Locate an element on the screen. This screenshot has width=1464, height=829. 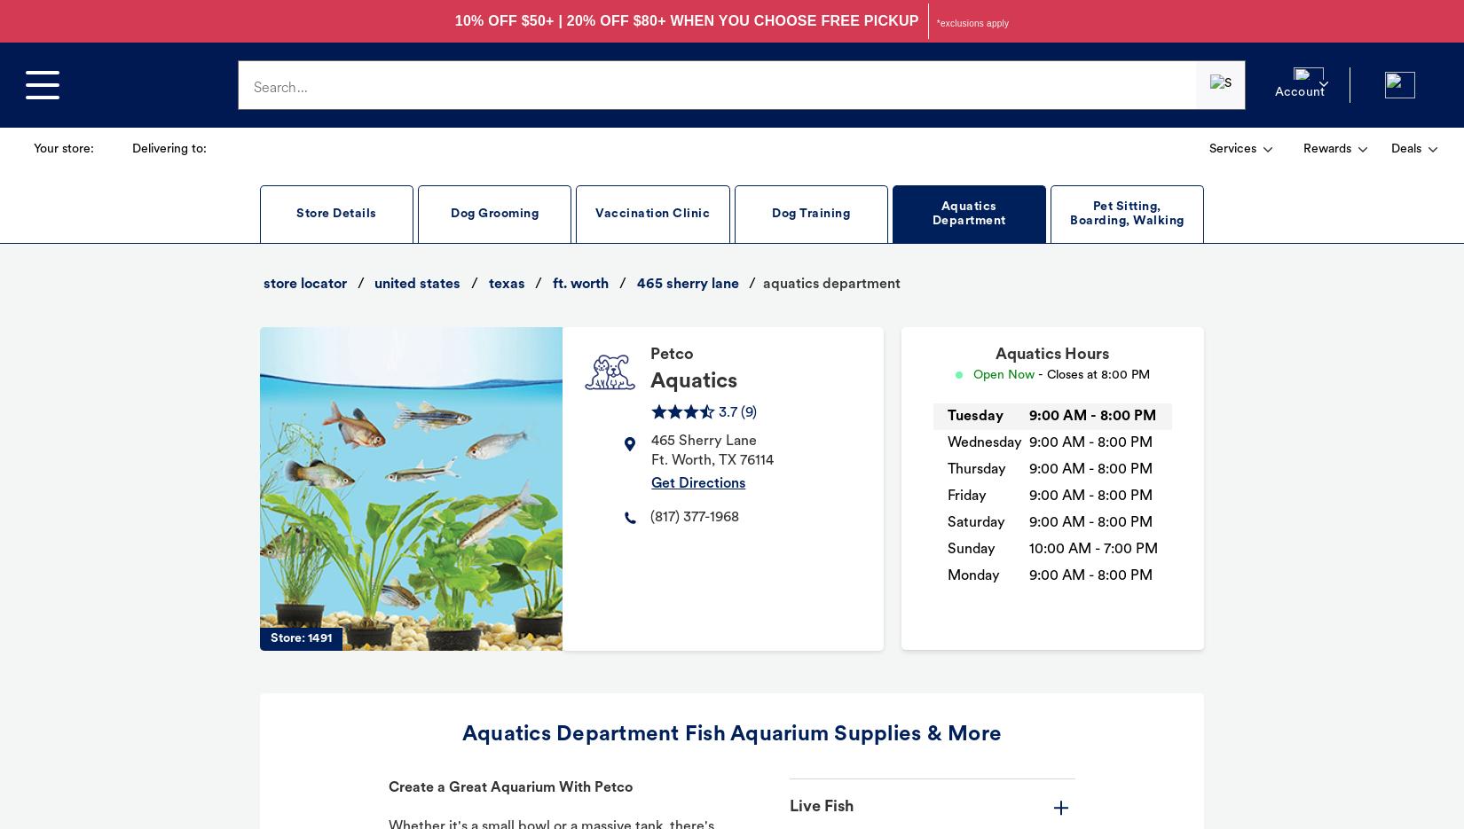
'Friday' is located at coordinates (966, 496).